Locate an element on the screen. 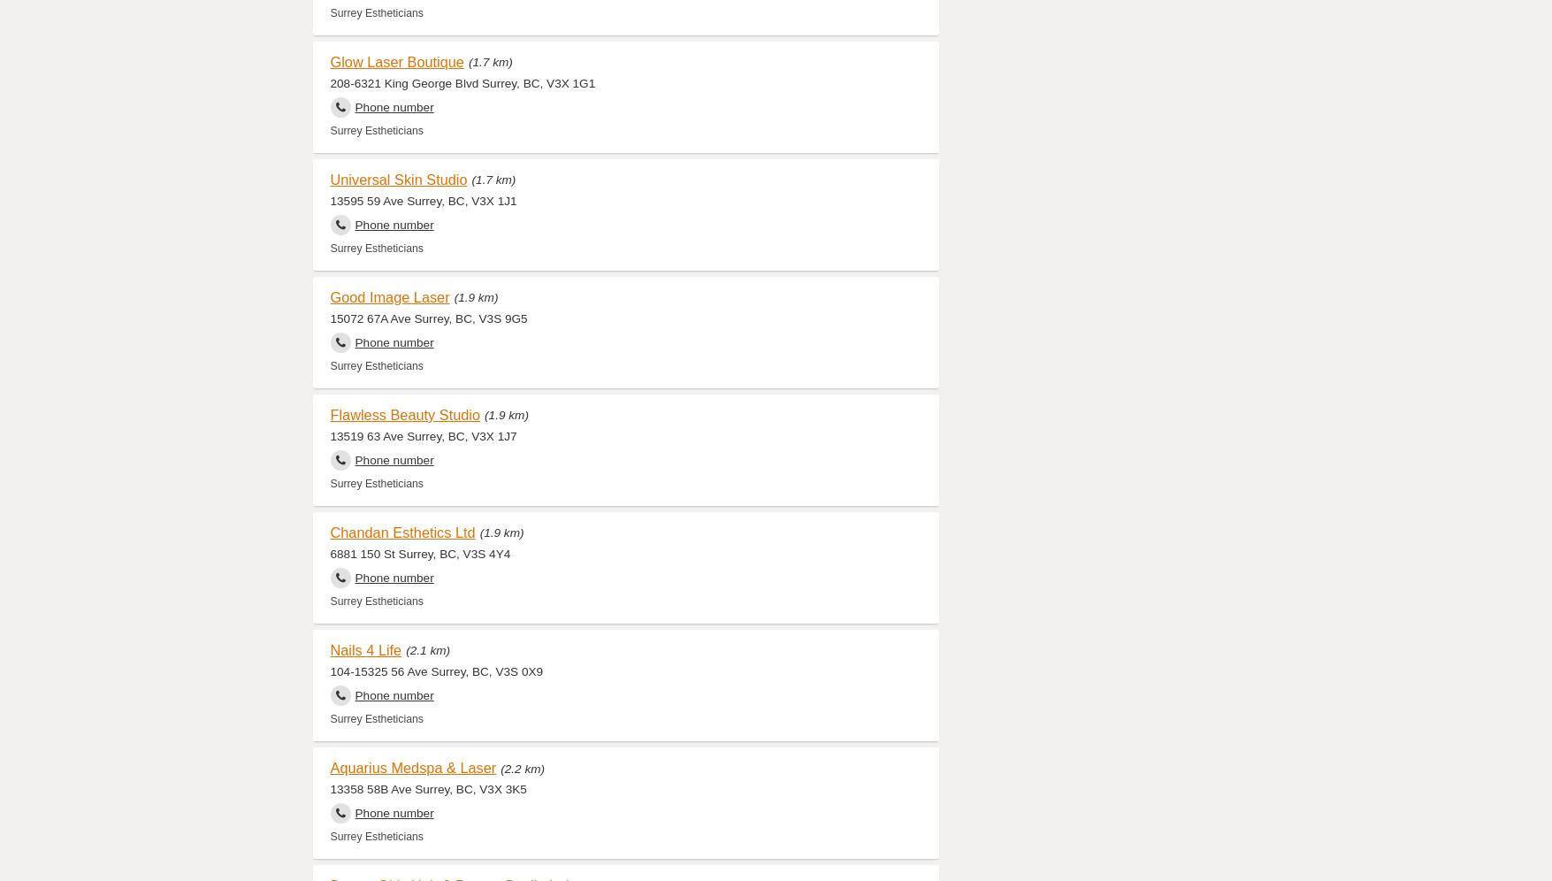 The image size is (1552, 881). 'Nails 4 Life' is located at coordinates (365, 647).